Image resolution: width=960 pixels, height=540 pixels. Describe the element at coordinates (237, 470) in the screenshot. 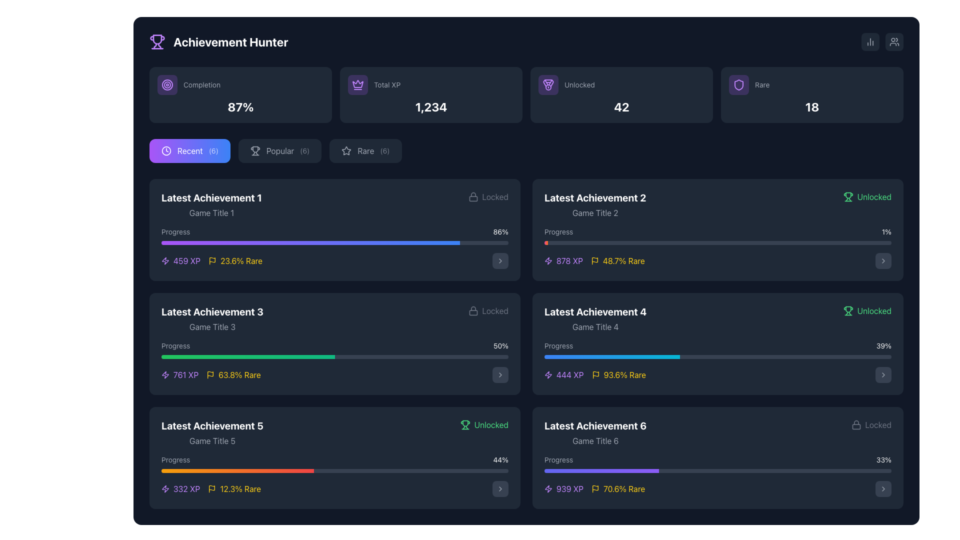

I see `the filled portion of the progress bar segment in the 'Latest Achievement 5' section, which is represented by a gradient from amber to red` at that location.